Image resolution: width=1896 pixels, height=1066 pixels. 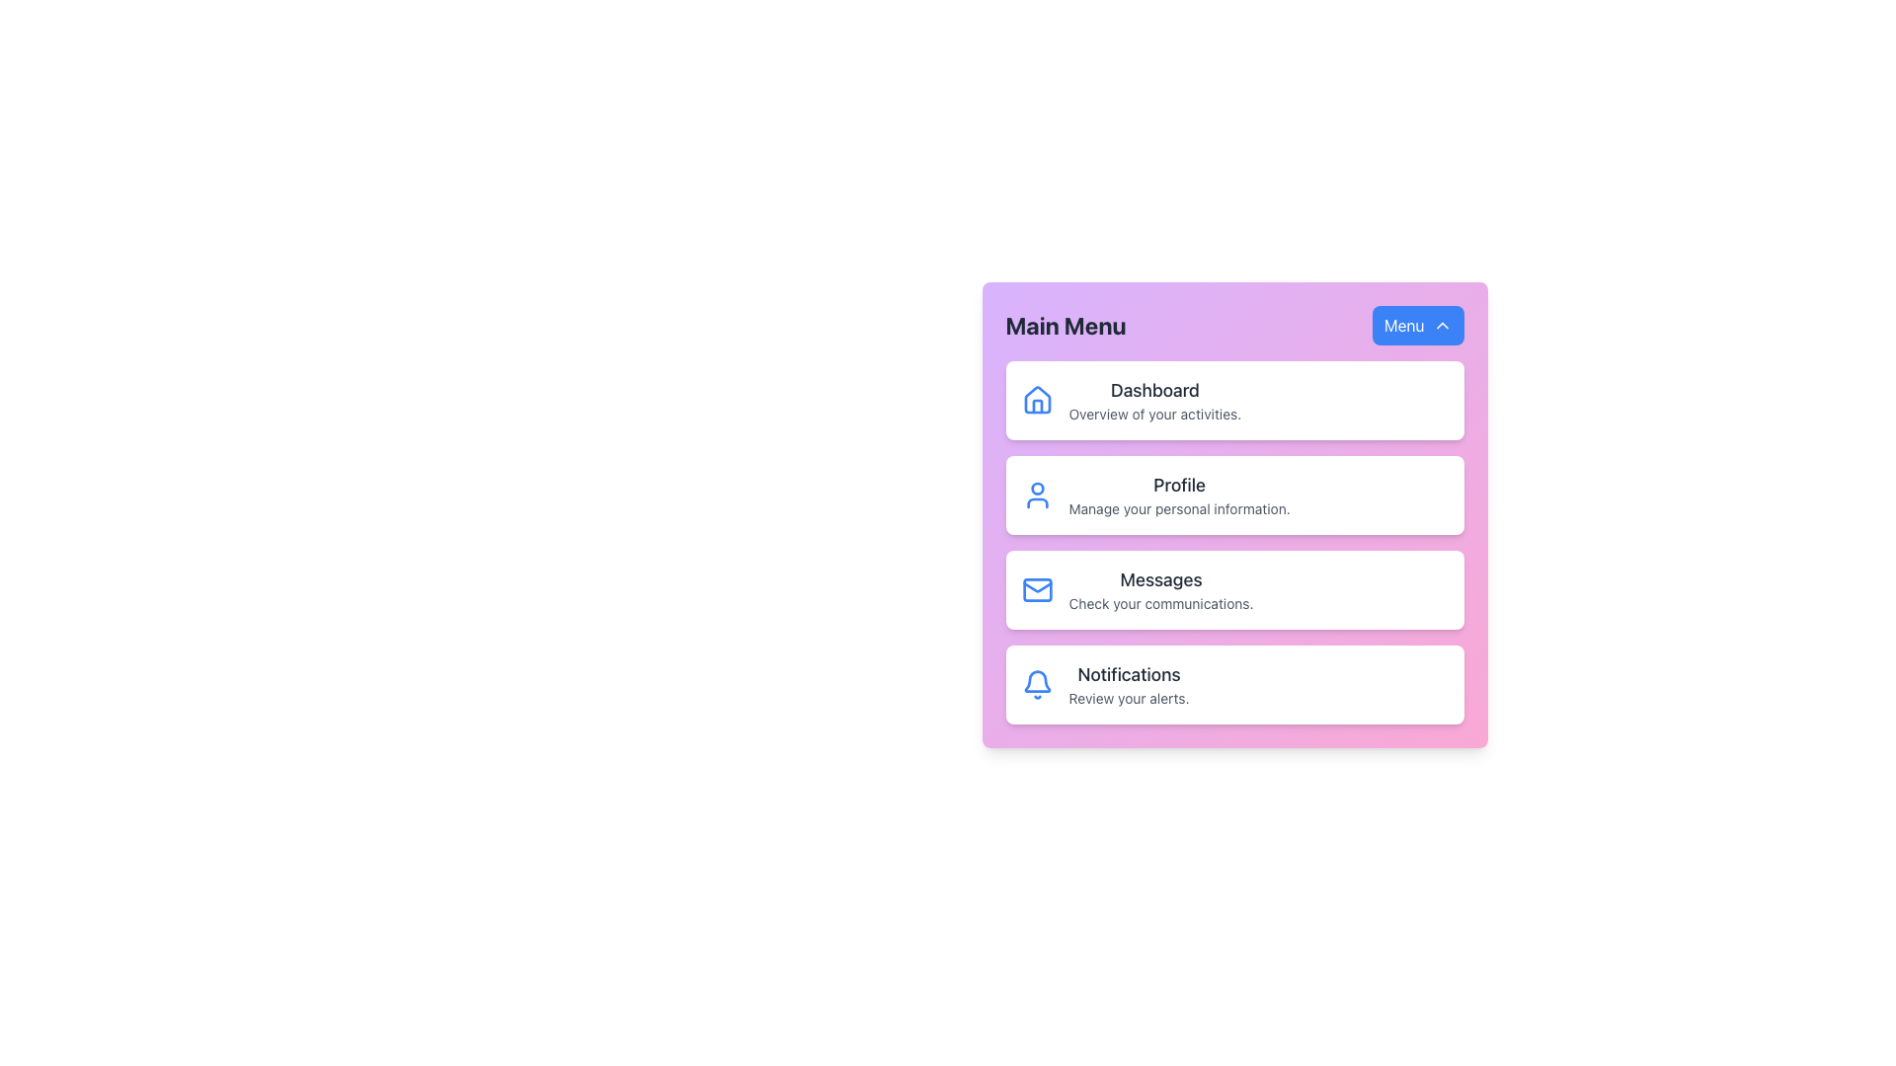 I want to click on the button located, so click(x=1416, y=325).